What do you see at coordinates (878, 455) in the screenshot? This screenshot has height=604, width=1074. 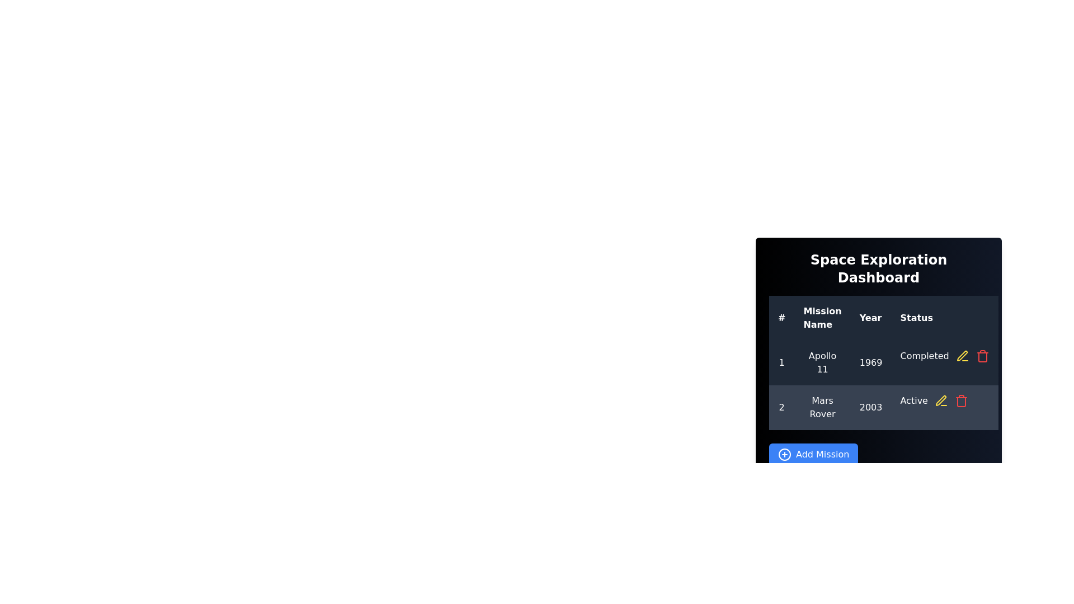 I see `the button located at the bottom of the 'Space Exploration Dashboard' section` at bounding box center [878, 455].